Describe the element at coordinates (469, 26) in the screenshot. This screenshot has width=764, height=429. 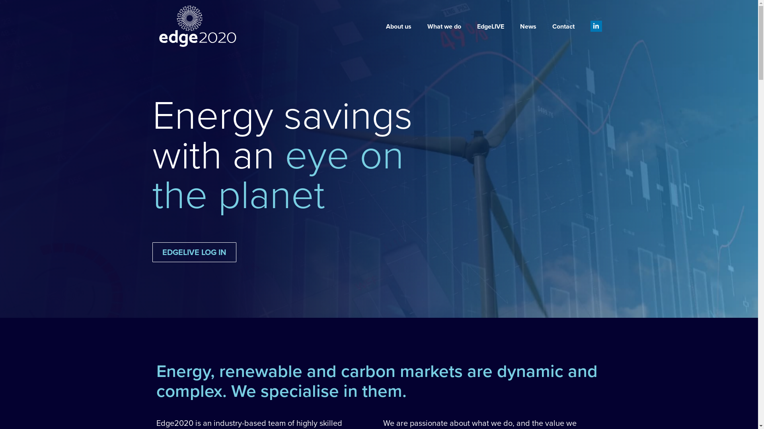
I see `'EdgeLIVE'` at that location.